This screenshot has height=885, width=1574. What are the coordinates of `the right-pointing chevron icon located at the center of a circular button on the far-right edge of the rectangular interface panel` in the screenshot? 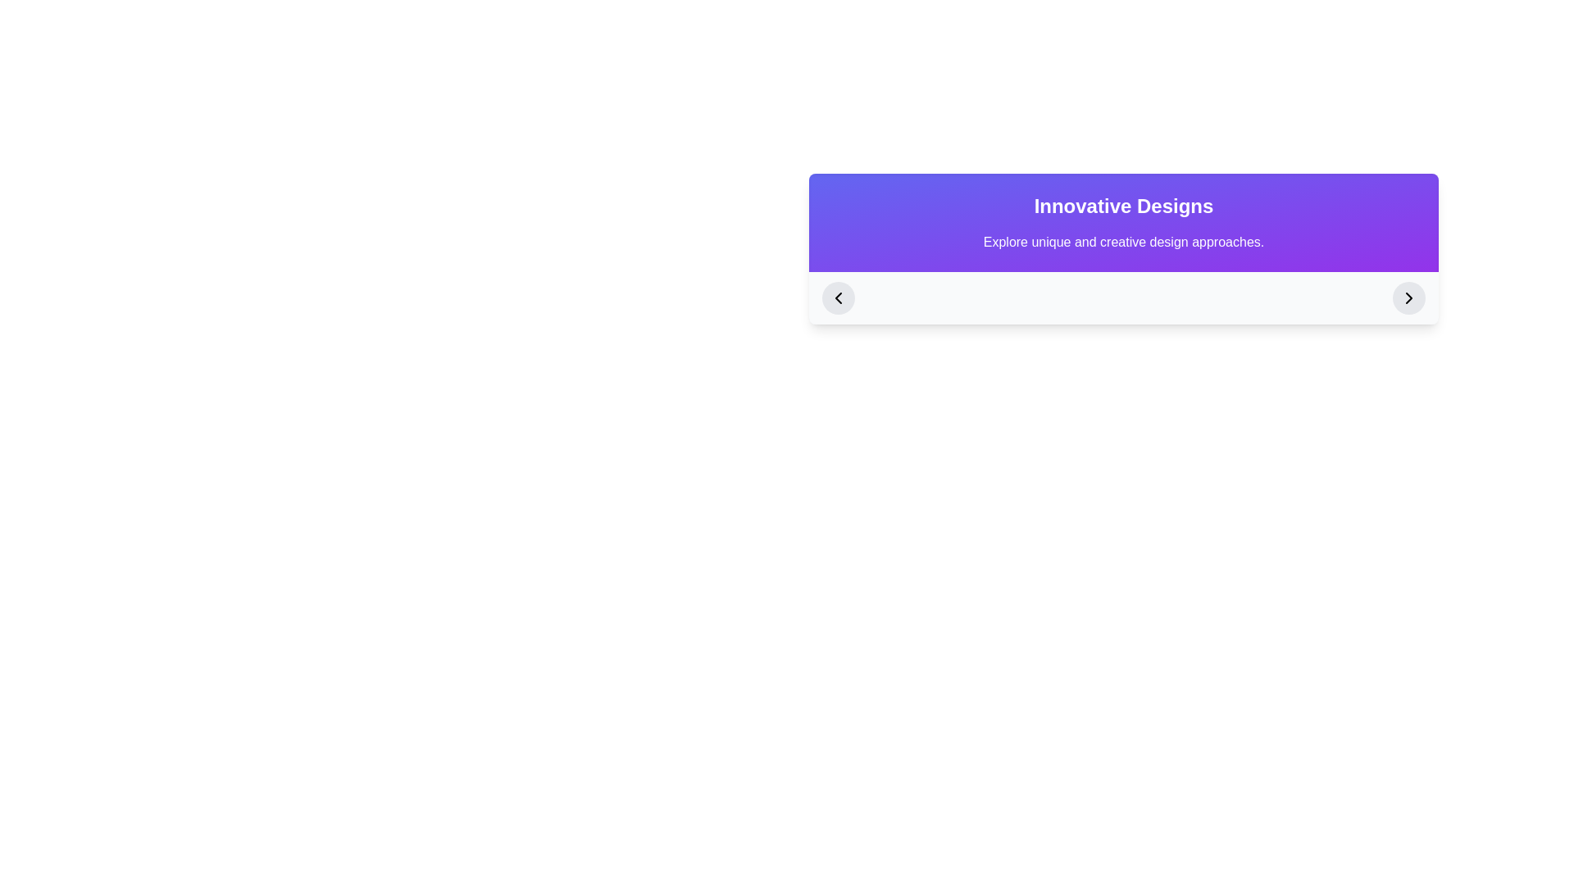 It's located at (1408, 297).